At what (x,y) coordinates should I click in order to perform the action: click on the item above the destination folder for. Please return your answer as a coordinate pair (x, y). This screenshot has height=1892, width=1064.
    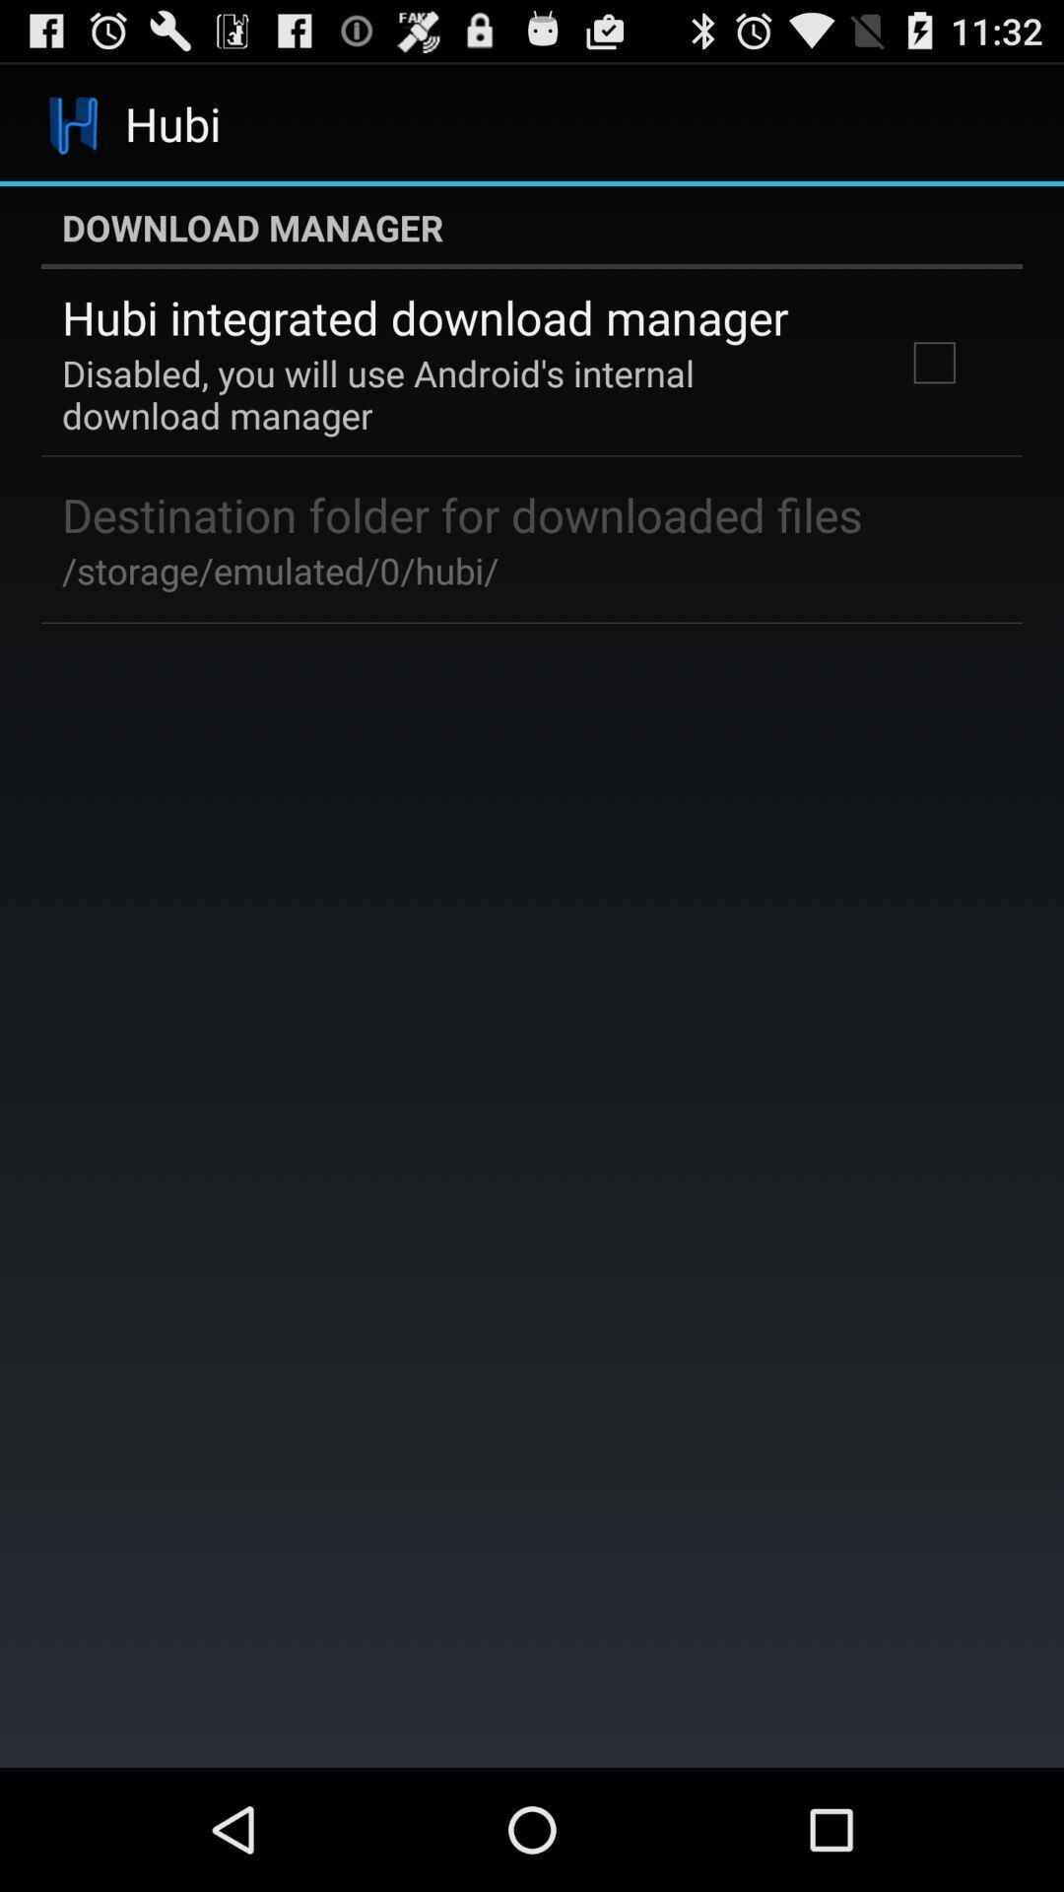
    Looking at the image, I should click on (456, 394).